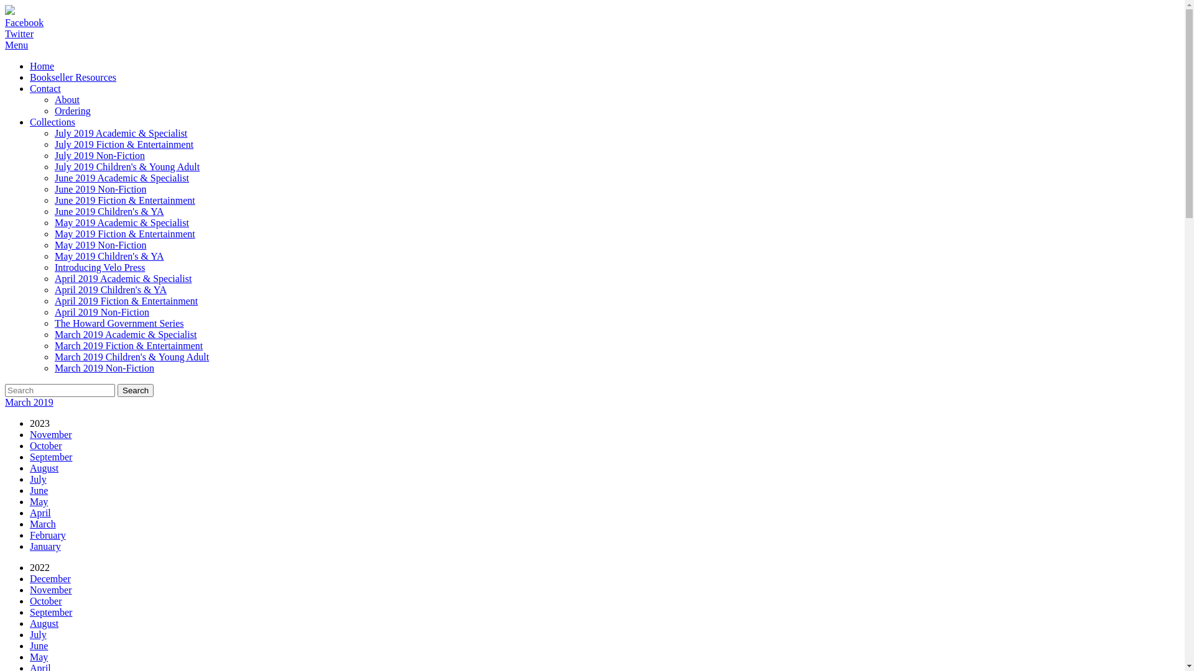 The height and width of the screenshot is (671, 1194). I want to click on 'December', so click(50, 578).